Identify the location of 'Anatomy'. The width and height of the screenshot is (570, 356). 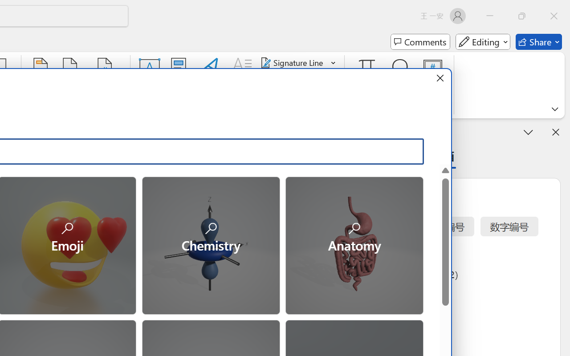
(354, 244).